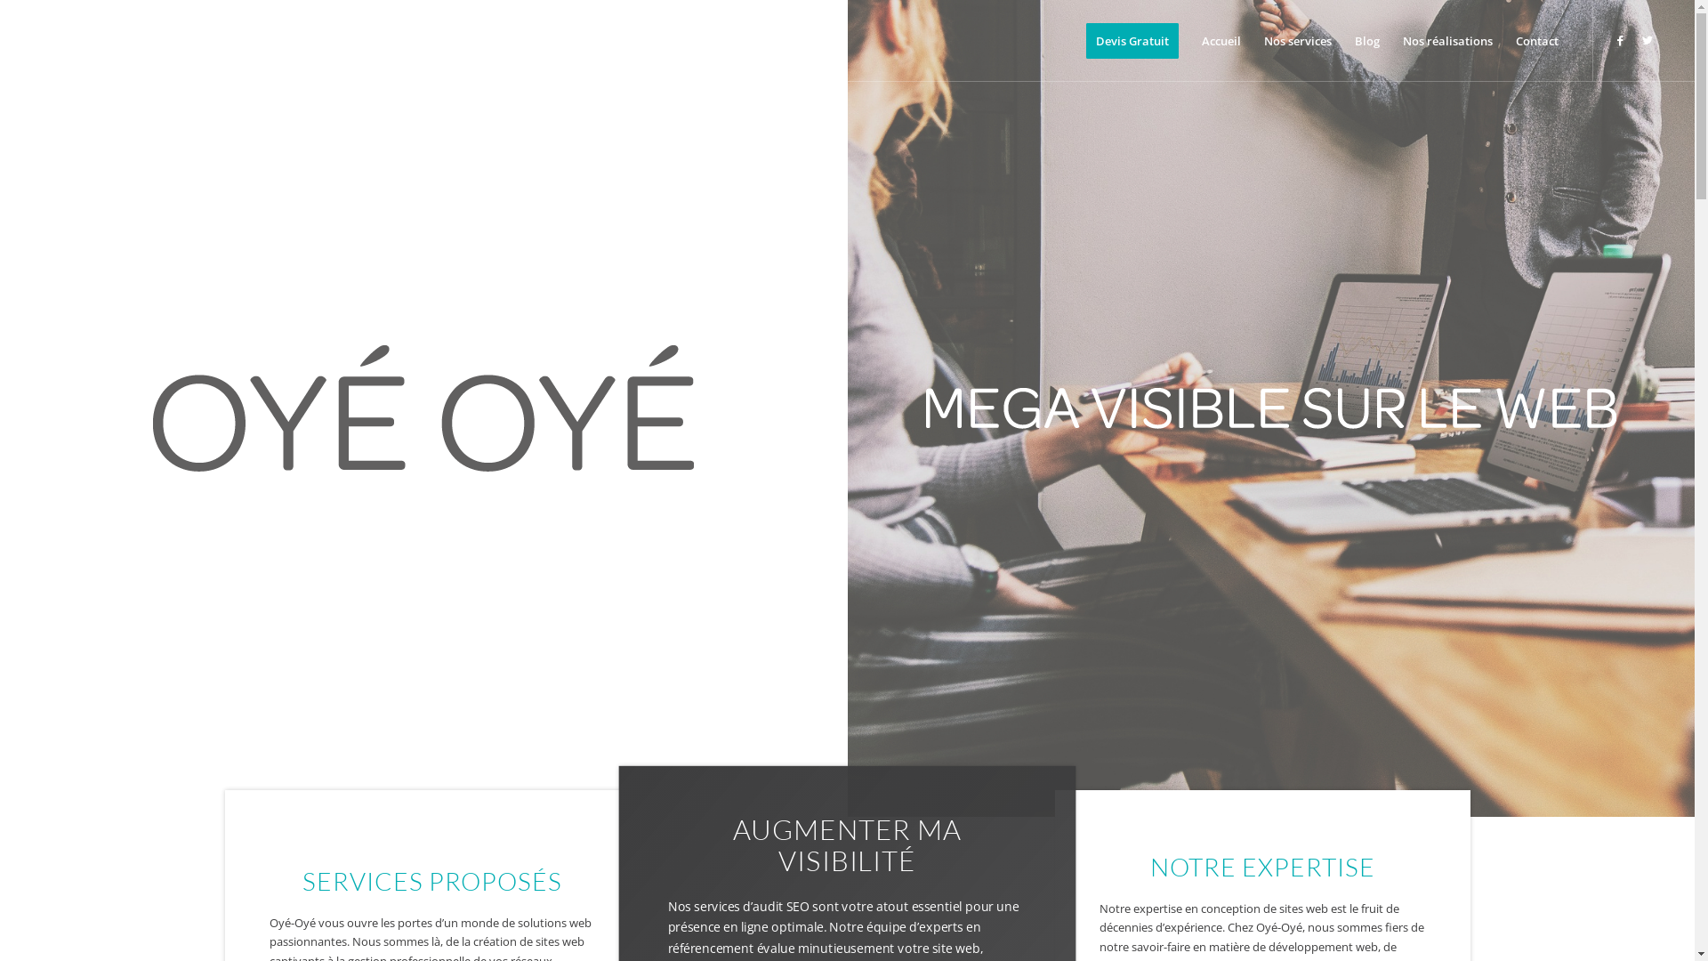 The width and height of the screenshot is (1708, 961). What do you see at coordinates (153, 408) in the screenshot?
I see `'OYE-OYE'` at bounding box center [153, 408].